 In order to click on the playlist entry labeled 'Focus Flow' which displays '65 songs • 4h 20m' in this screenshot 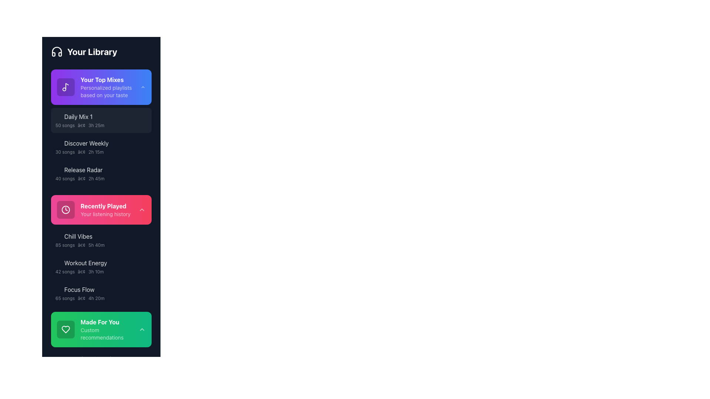, I will do `click(101, 293)`.